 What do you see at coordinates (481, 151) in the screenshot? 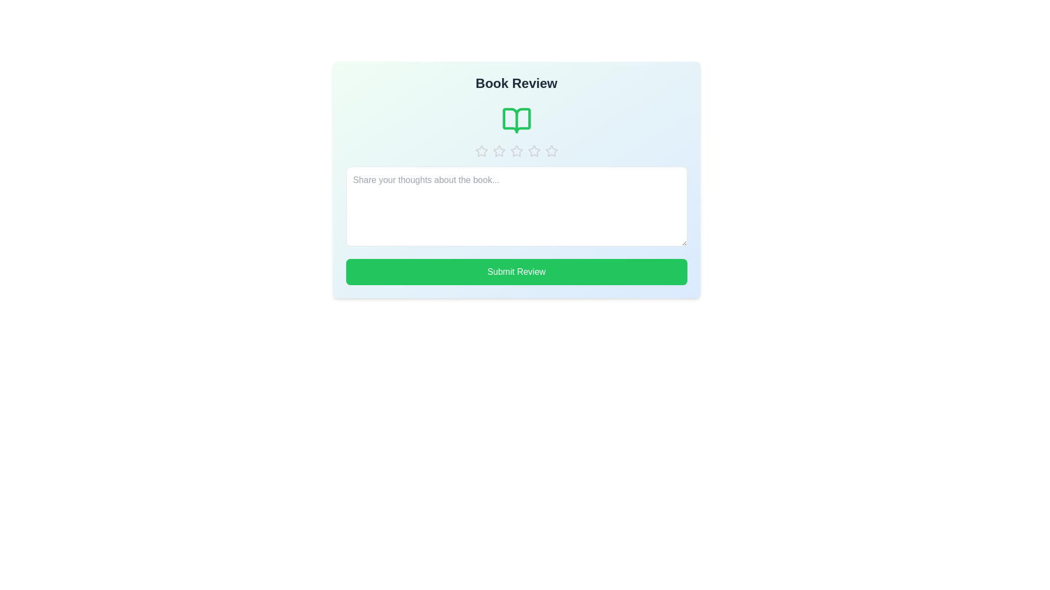
I see `the star corresponding to 1 to preview the rating` at bounding box center [481, 151].